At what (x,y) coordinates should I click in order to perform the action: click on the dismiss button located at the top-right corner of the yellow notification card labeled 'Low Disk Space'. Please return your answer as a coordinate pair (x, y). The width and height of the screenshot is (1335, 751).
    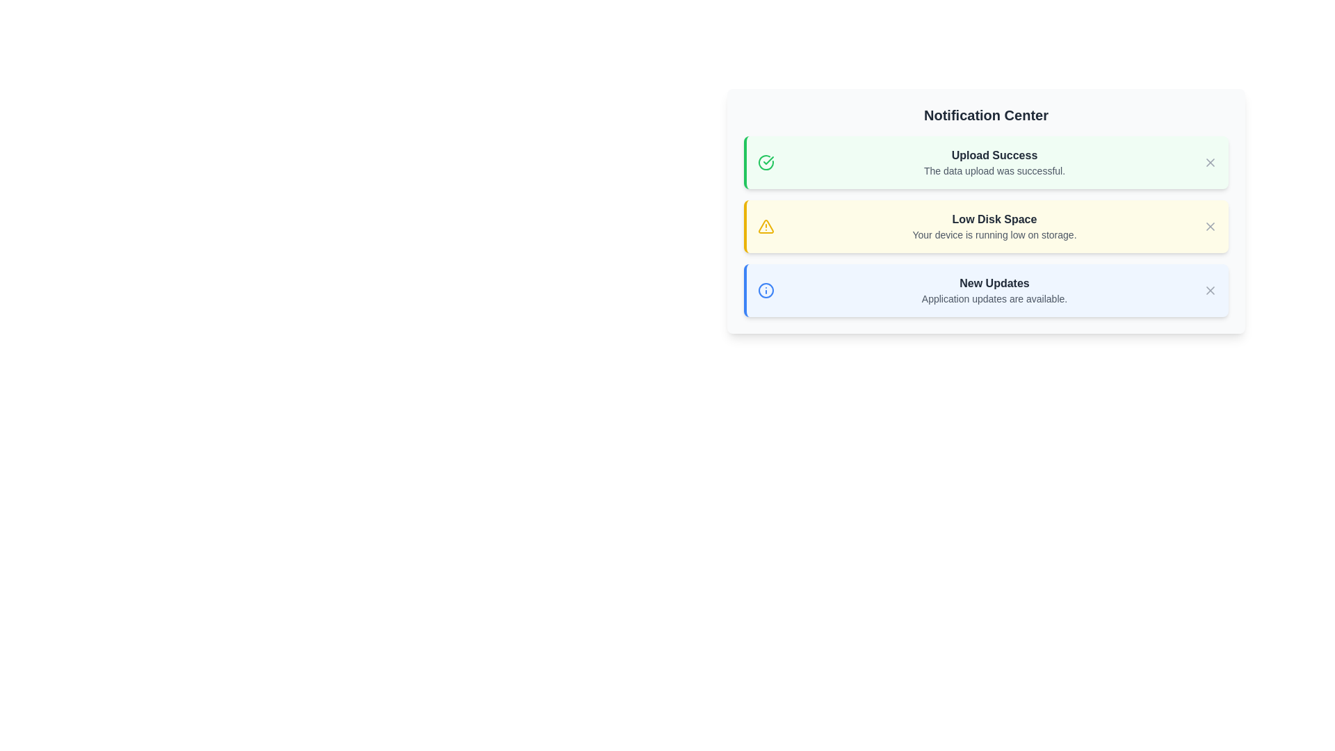
    Looking at the image, I should click on (1210, 226).